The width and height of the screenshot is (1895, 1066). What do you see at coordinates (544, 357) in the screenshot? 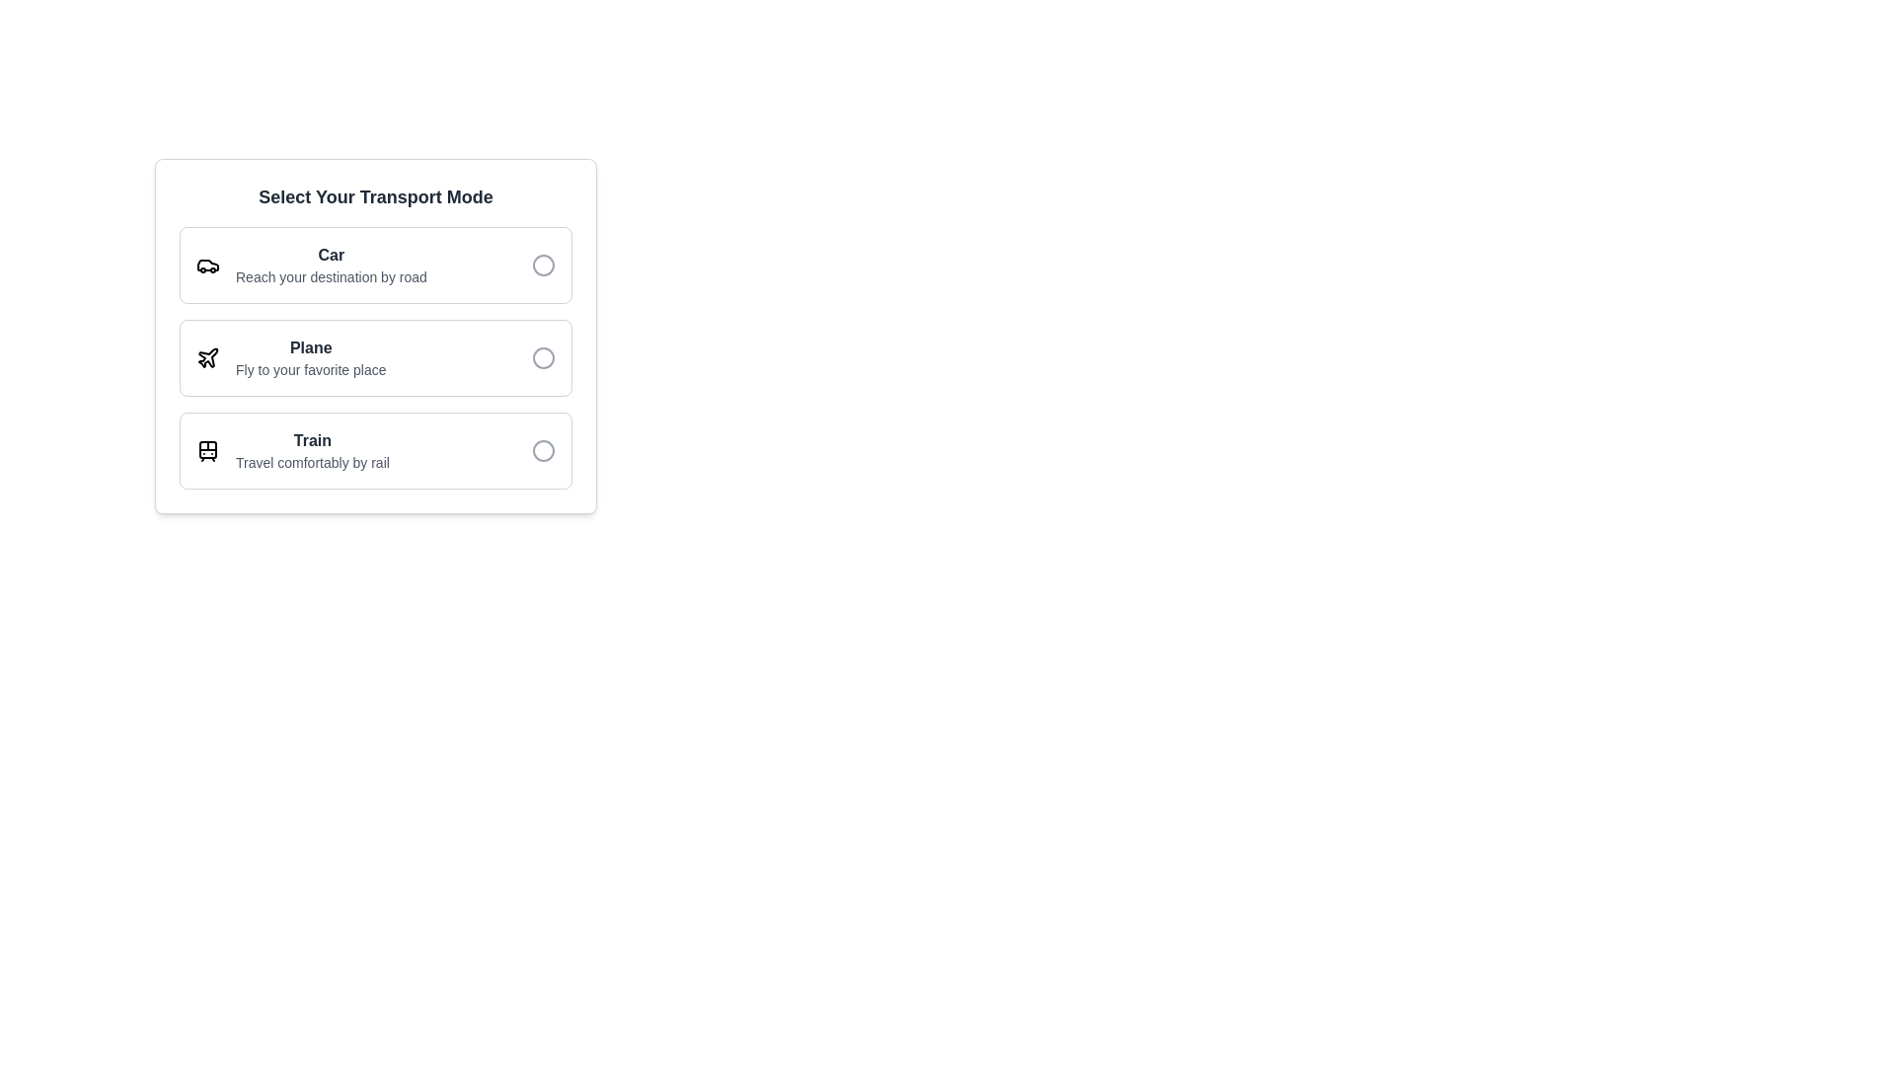
I see `the circular icon styled with a gray outline and transparent interior, located to the right of the 'Plane' option in the transport modes list` at bounding box center [544, 357].